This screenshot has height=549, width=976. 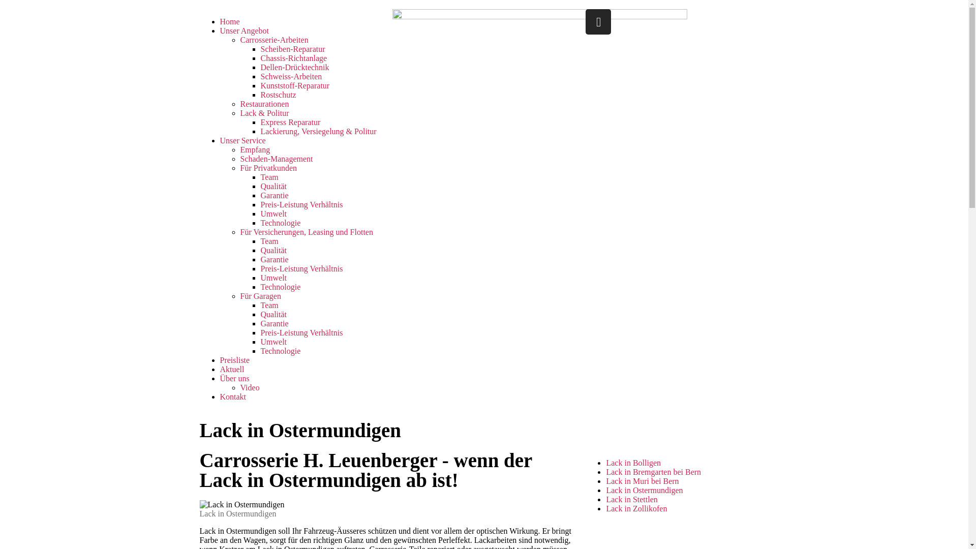 I want to click on 'Aktuell', so click(x=231, y=369).